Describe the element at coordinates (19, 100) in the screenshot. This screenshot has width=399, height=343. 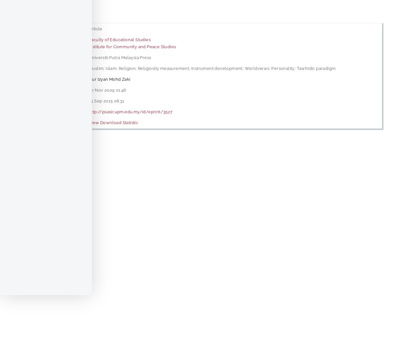
I see `'Last Modified:'` at that location.